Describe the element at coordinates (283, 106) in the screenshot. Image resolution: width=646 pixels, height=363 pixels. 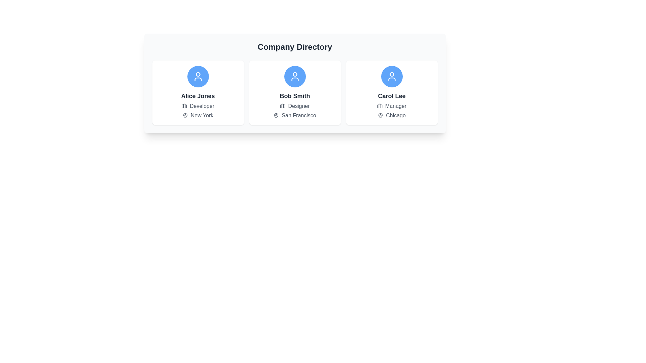
I see `briefcase icon located to the left of the text 'Designer' in the profile card for 'Bob Smith' to view more details` at that location.